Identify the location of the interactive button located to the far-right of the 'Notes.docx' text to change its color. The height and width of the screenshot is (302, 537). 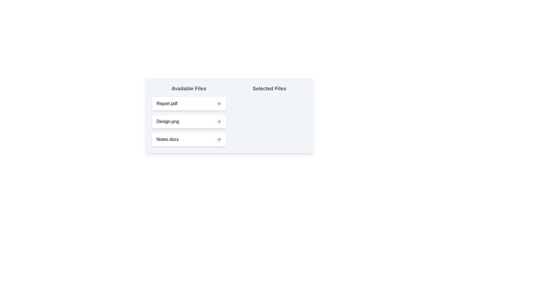
(218, 139).